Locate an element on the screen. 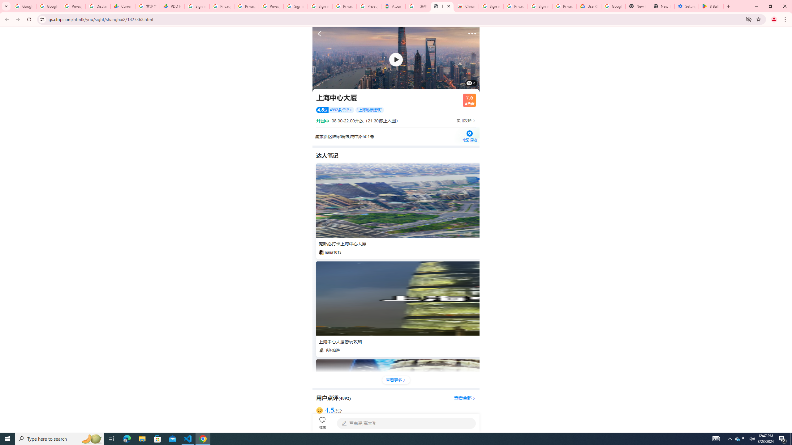 Image resolution: width=792 pixels, height=445 pixels. 'To get missing image descriptions, open the context menu.' is located at coordinates (396, 59).